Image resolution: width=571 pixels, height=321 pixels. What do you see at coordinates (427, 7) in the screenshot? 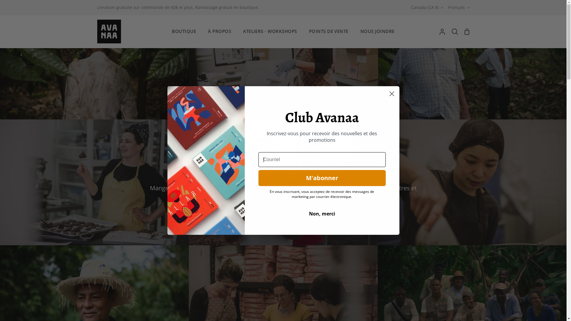
I see `'Canada (CA $)'` at bounding box center [427, 7].